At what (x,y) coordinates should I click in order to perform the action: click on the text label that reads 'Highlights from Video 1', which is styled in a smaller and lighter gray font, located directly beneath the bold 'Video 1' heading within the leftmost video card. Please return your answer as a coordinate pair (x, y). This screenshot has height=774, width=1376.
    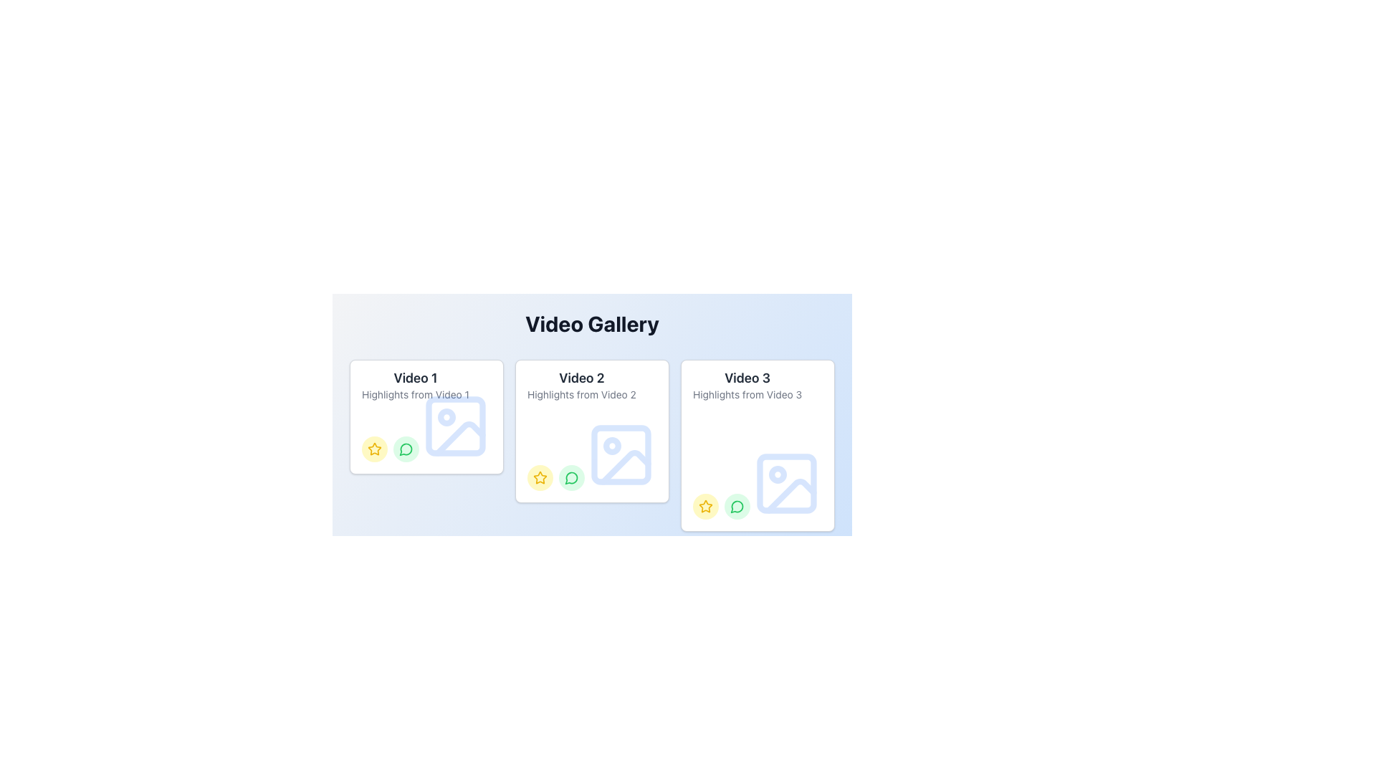
    Looking at the image, I should click on (415, 395).